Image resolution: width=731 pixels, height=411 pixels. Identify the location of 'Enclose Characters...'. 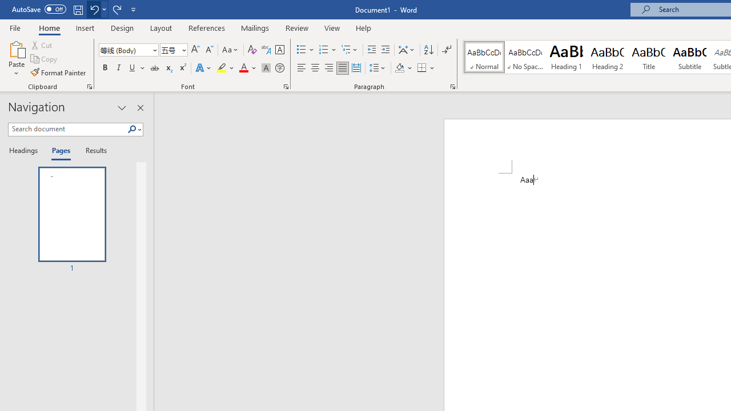
(279, 68).